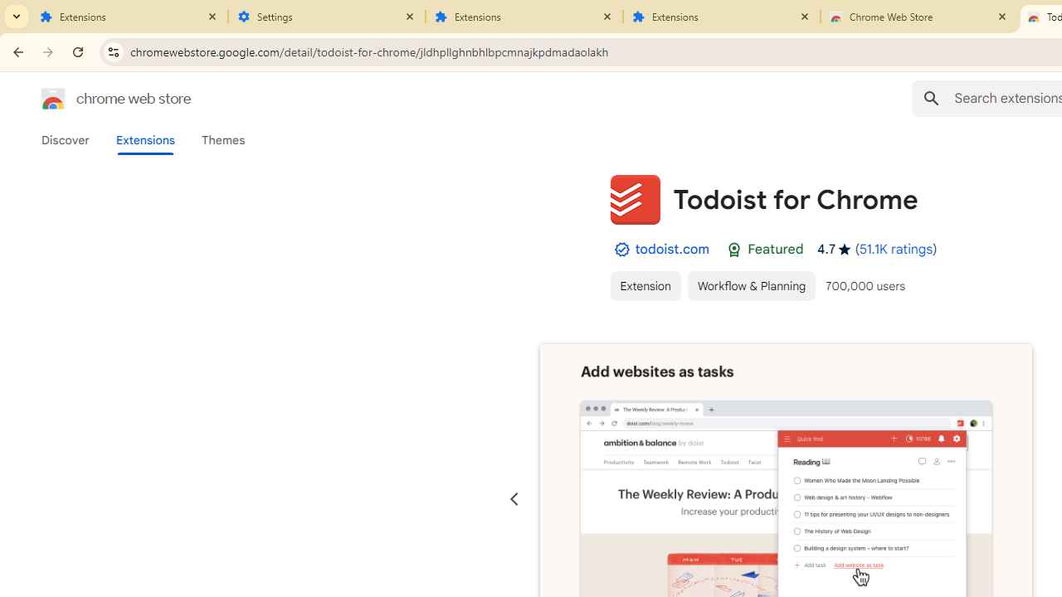  What do you see at coordinates (733, 250) in the screenshot?
I see `'Featured Badge'` at bounding box center [733, 250].